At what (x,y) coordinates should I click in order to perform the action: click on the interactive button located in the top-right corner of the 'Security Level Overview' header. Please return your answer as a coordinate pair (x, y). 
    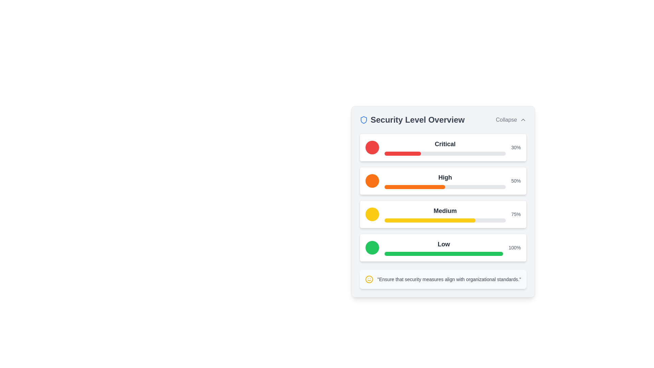
    Looking at the image, I should click on (511, 119).